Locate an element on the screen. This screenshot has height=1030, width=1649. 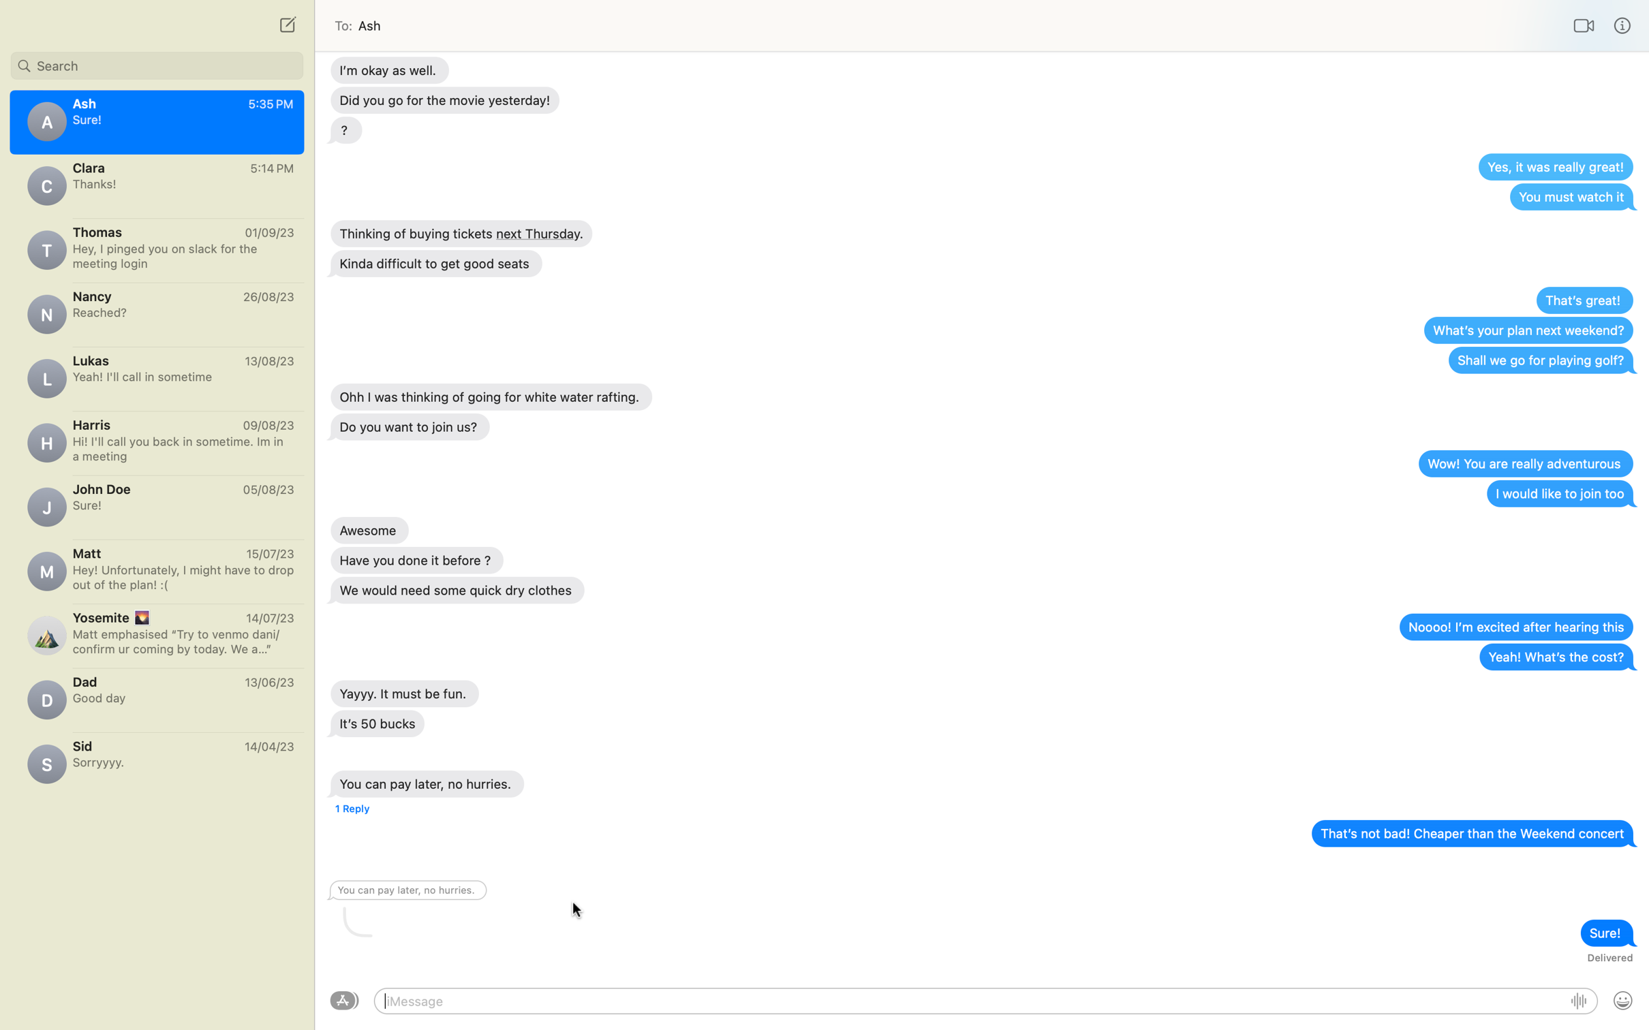
Click to view more options for message "Yeah, what"s the cost? is located at coordinates (1556, 657).